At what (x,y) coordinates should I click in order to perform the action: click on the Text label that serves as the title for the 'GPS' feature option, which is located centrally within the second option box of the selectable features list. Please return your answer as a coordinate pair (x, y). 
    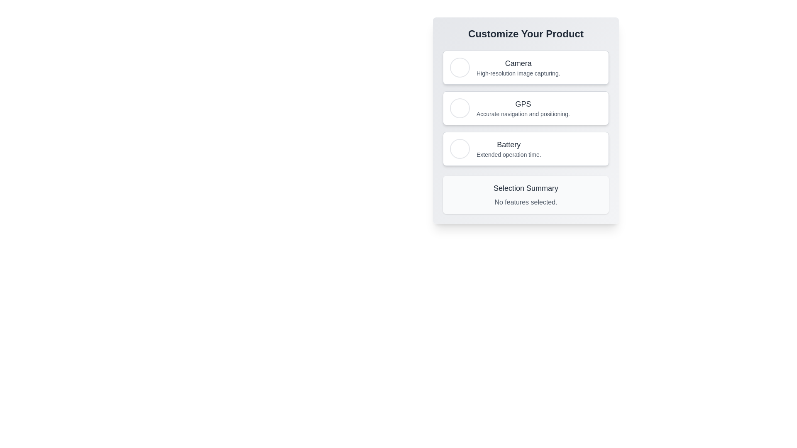
    Looking at the image, I should click on (523, 103).